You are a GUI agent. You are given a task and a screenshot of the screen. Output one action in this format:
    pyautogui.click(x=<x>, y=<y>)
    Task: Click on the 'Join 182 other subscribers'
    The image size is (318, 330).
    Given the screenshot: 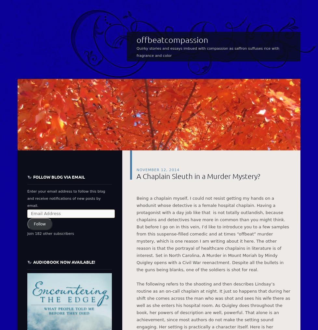 What is the action you would take?
    pyautogui.click(x=27, y=234)
    